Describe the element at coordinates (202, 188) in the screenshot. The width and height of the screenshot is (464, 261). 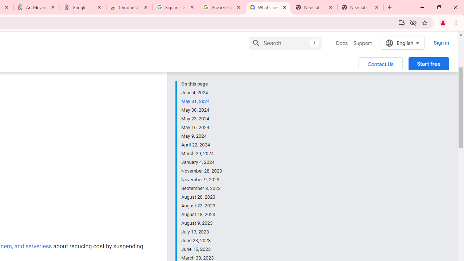
I see `'September 8, 2023'` at that location.